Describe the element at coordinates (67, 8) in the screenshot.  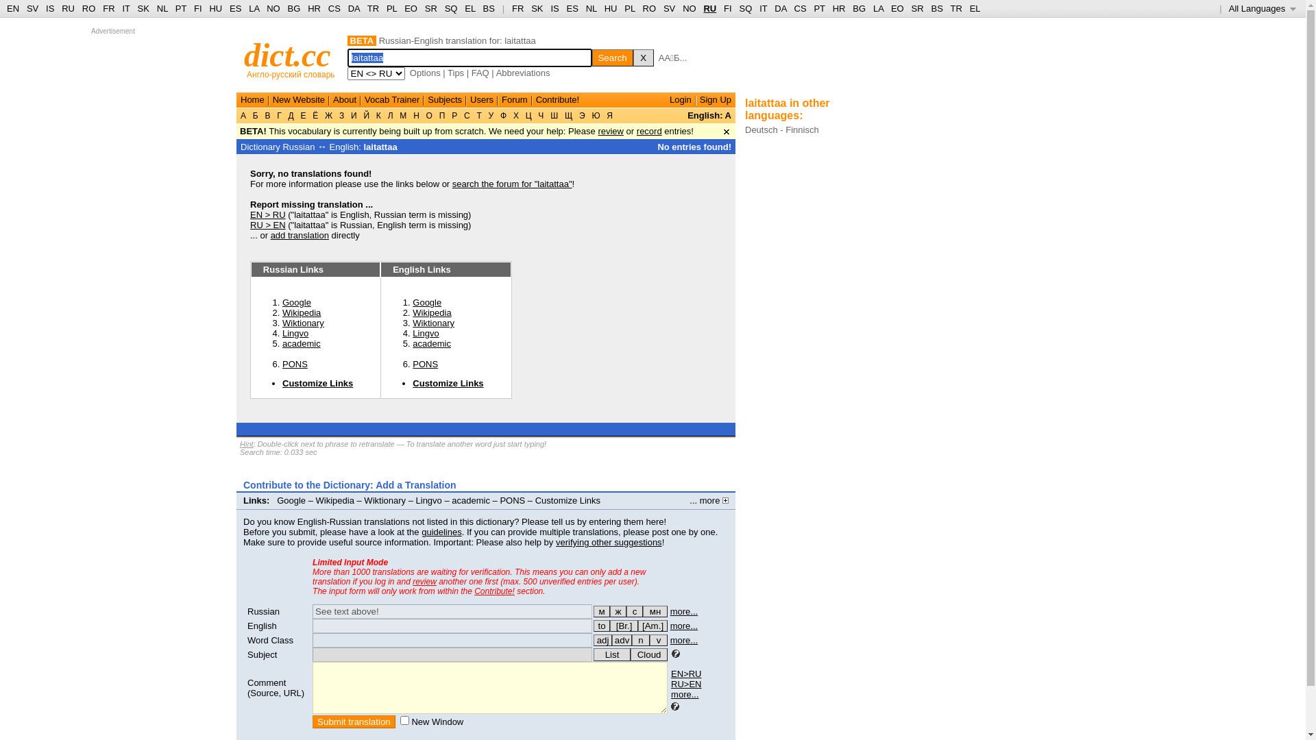
I see `'RU'` at that location.